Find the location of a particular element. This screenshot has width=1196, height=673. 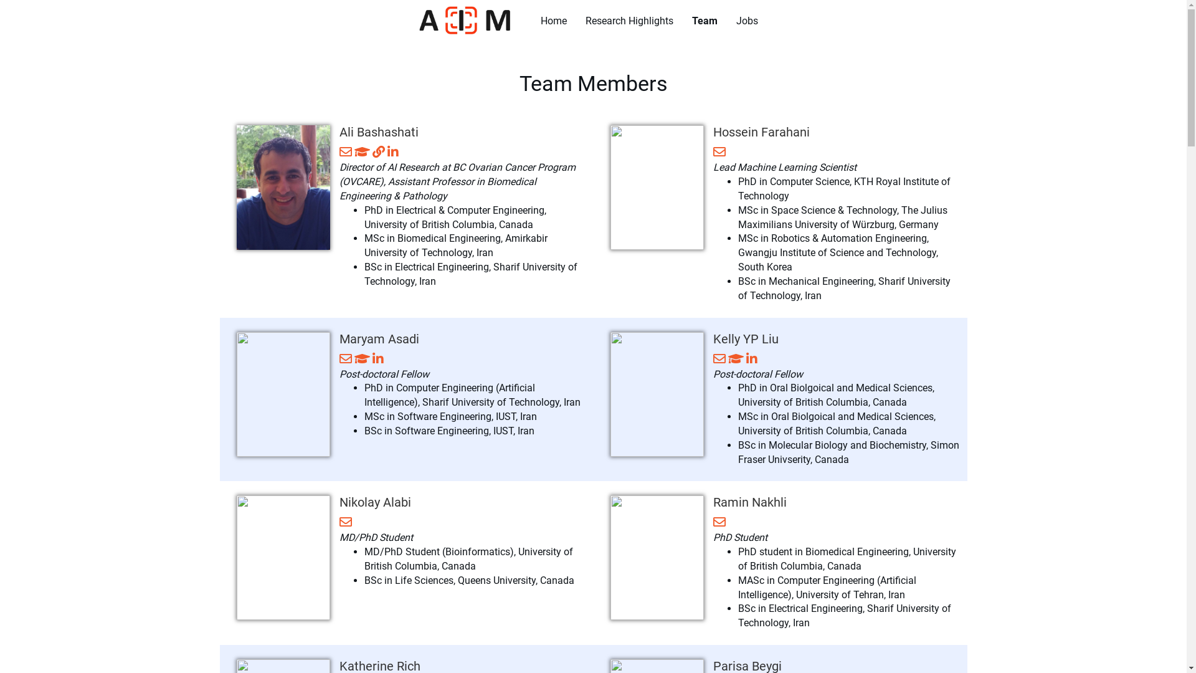

'Home' is located at coordinates (531, 21).